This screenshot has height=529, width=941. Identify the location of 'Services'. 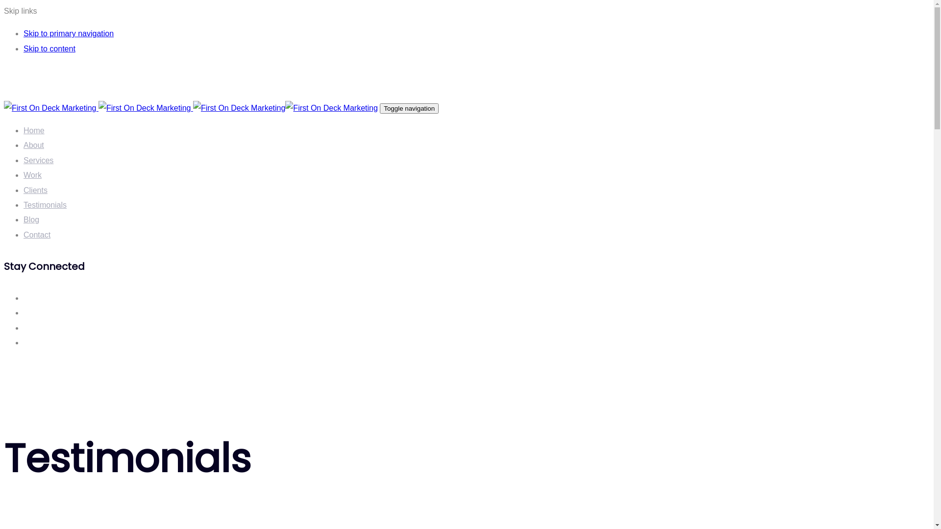
(38, 160).